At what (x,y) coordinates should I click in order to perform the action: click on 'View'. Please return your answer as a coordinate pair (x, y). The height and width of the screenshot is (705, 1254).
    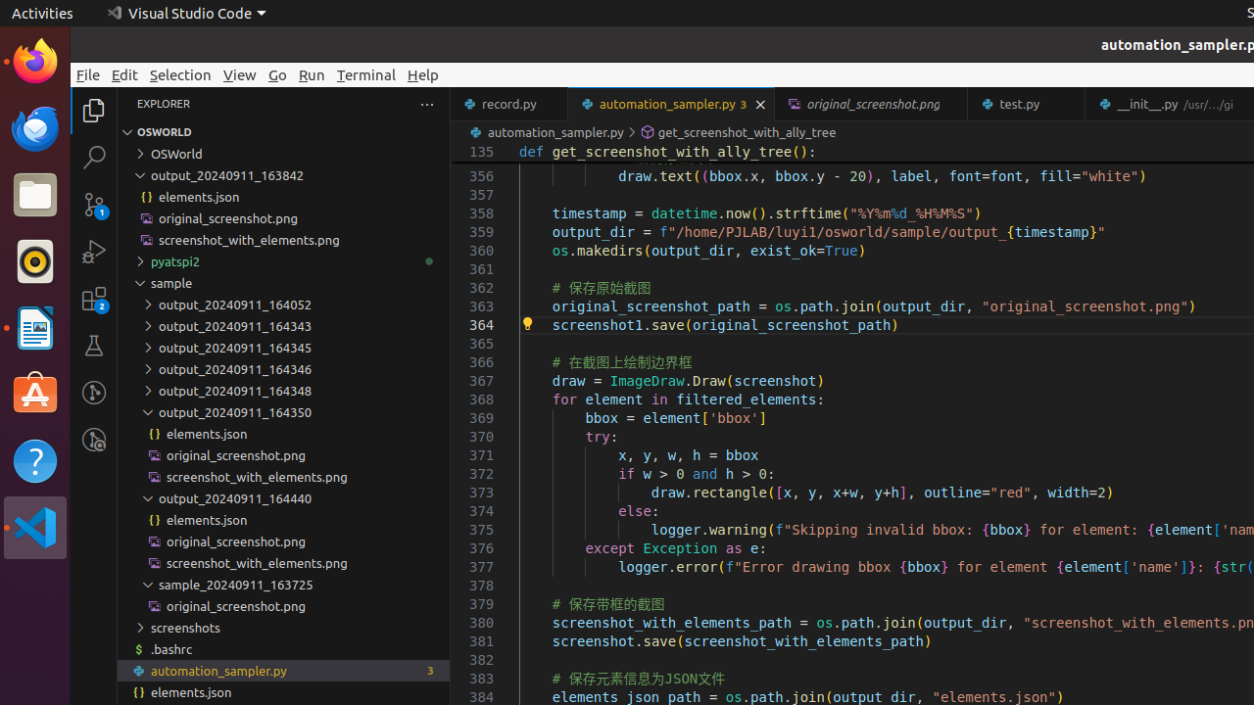
    Looking at the image, I should click on (238, 73).